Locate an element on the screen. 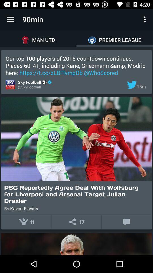 The width and height of the screenshot is (153, 273). icon below the man utd is located at coordinates (76, 65).